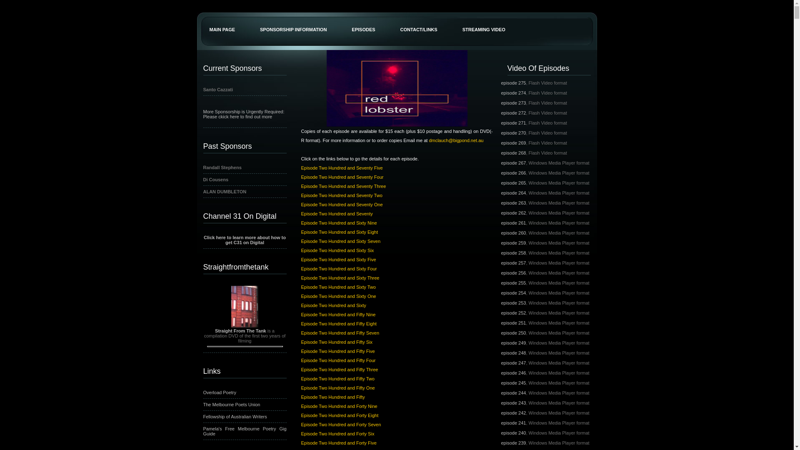  I want to click on 'Click here to learn more about how to get C31 on Digital', so click(244, 240).